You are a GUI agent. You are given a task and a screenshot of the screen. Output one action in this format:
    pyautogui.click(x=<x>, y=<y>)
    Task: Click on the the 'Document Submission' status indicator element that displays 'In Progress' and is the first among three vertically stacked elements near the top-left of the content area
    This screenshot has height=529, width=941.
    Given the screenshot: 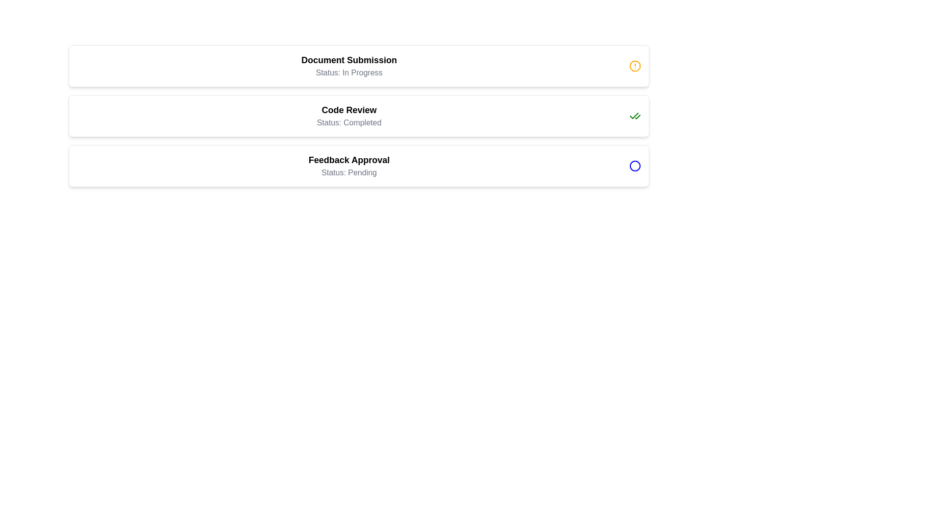 What is the action you would take?
    pyautogui.click(x=349, y=66)
    